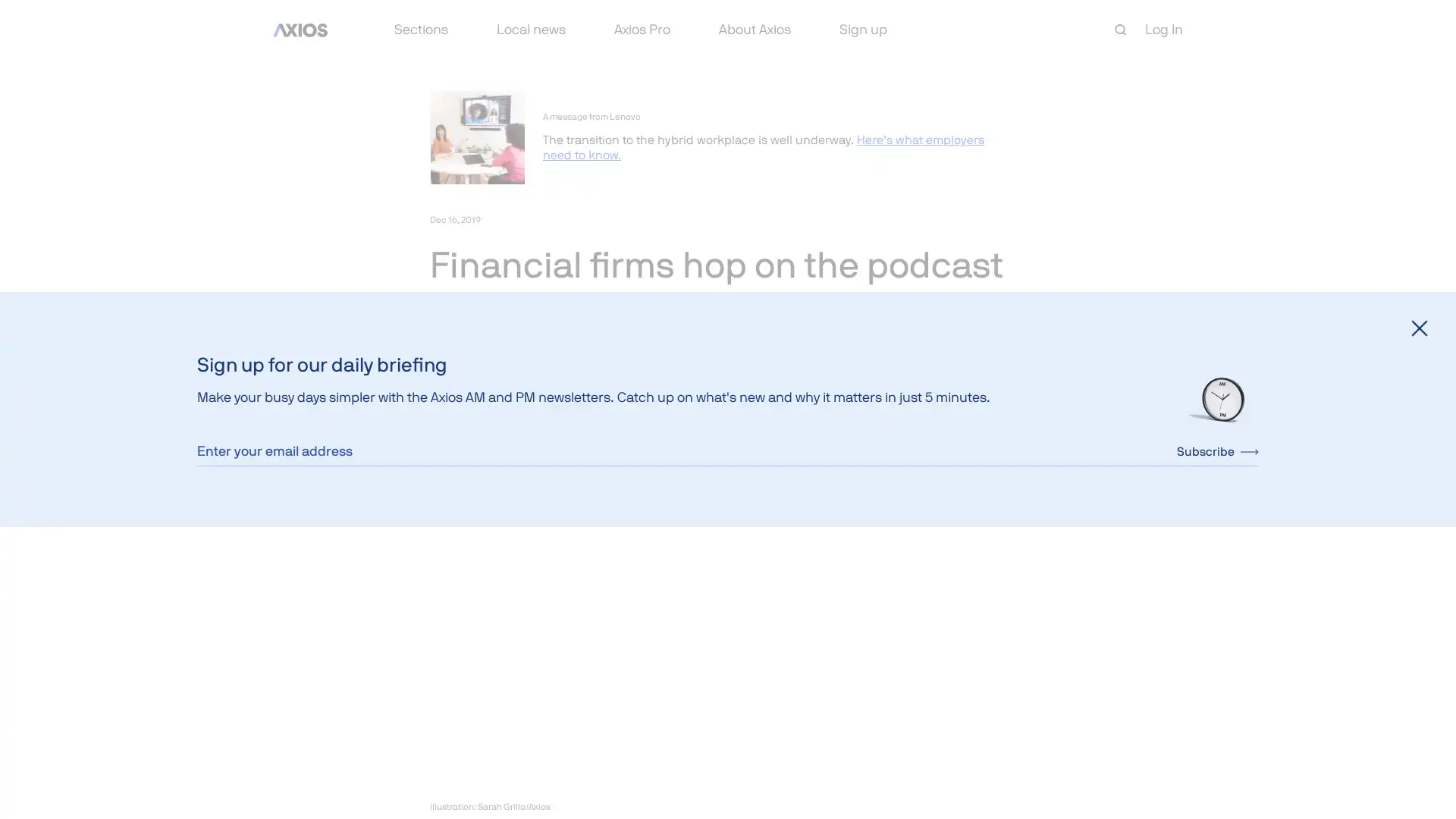 This screenshot has height=819, width=1456. I want to click on linkedin, so click(513, 412).